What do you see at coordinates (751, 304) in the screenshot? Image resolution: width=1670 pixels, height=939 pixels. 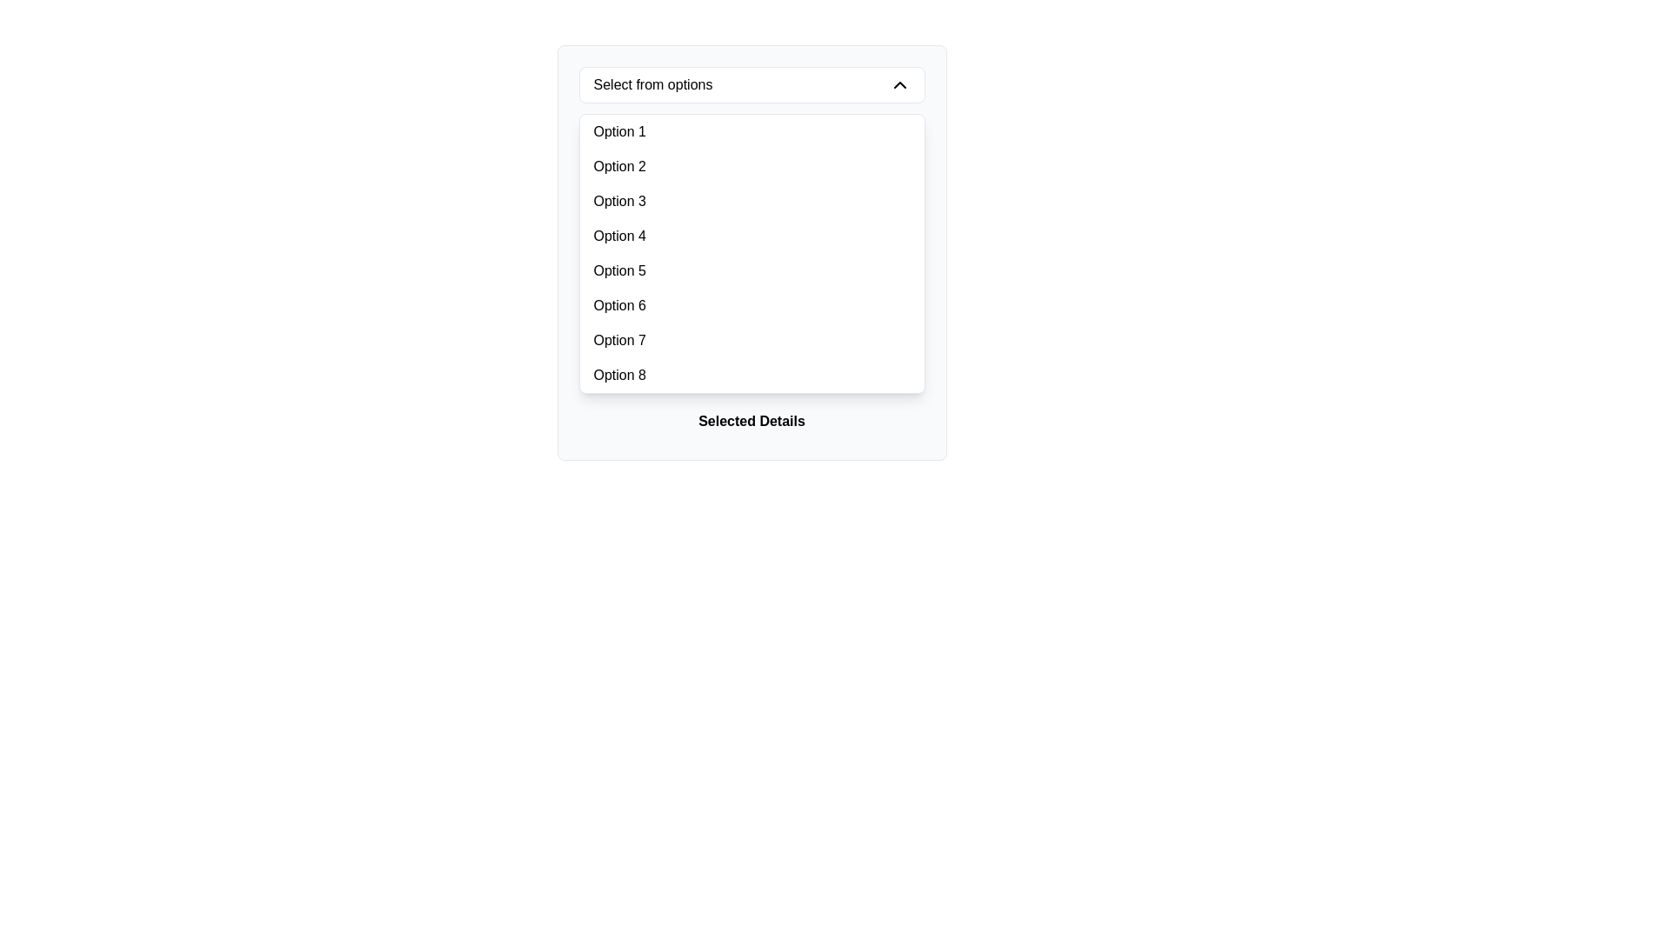 I see `the 'Option 6' item in the dropdown menu` at bounding box center [751, 304].